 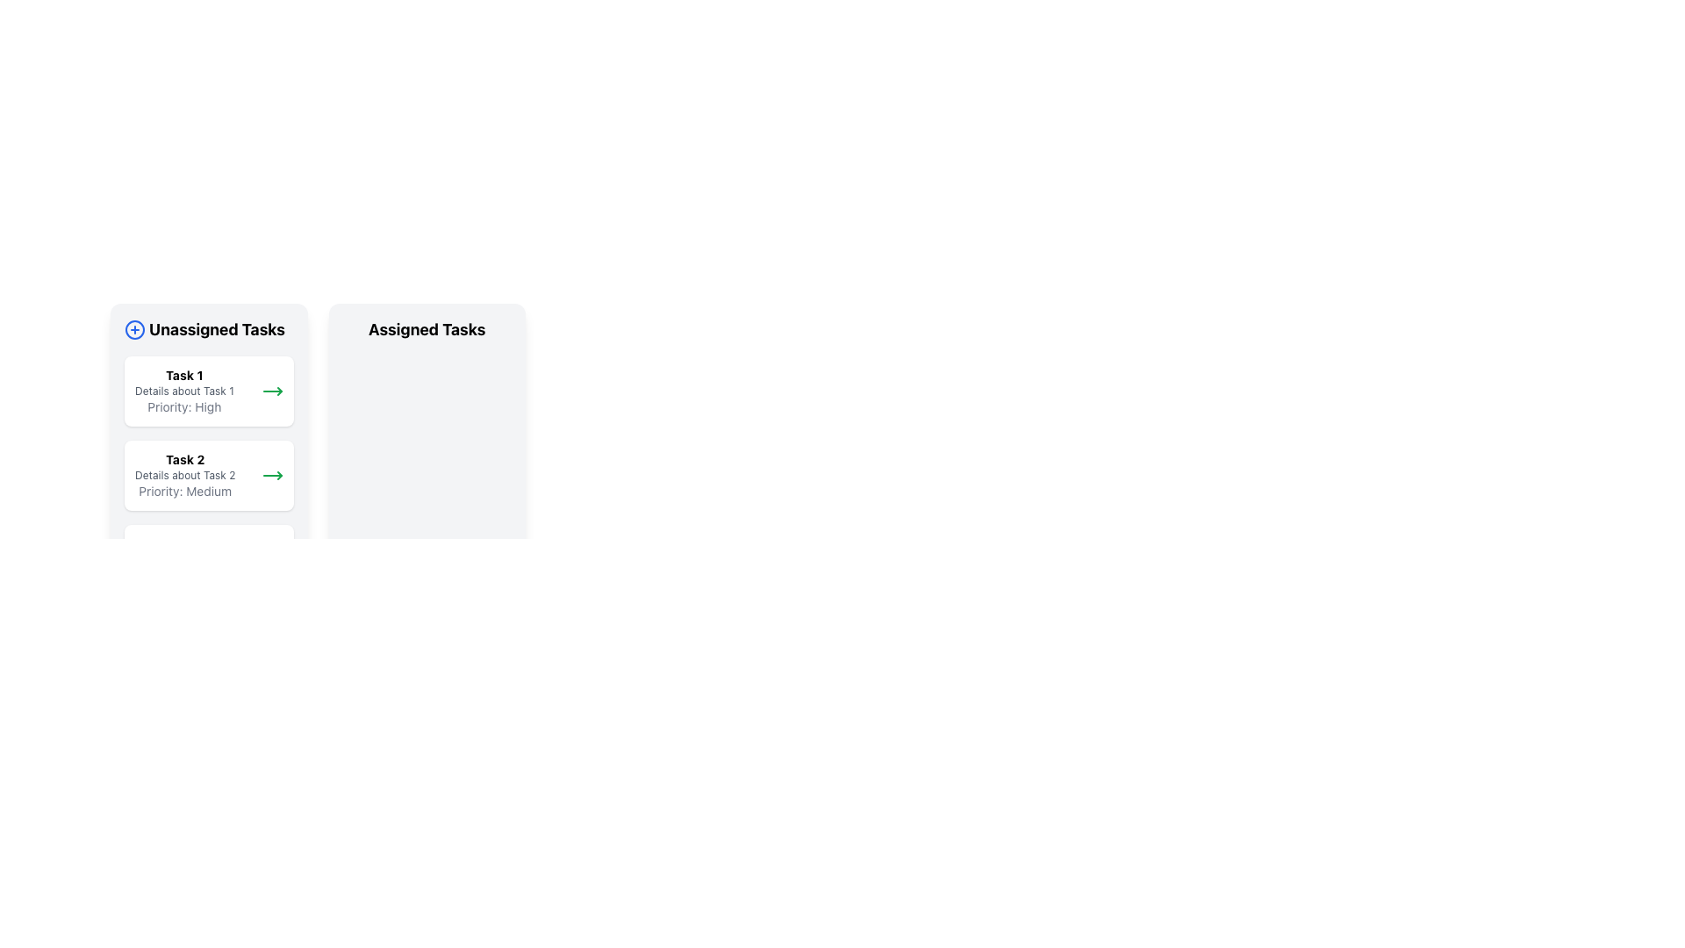 I want to click on heading text for the task card labeled 'Task 2', which serves as the title of the task in the left column of 'Unassigned Tasks', so click(x=185, y=459).